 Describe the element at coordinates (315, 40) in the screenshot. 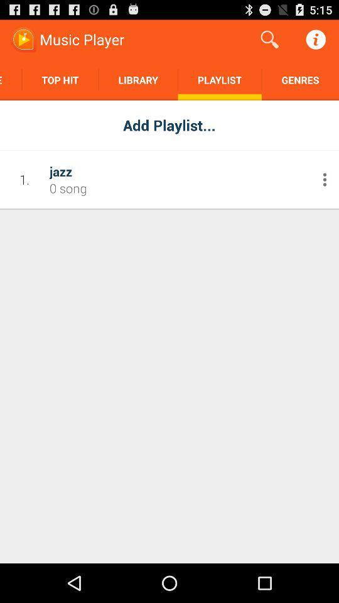

I see `the button on the top right corner of the web page` at that location.